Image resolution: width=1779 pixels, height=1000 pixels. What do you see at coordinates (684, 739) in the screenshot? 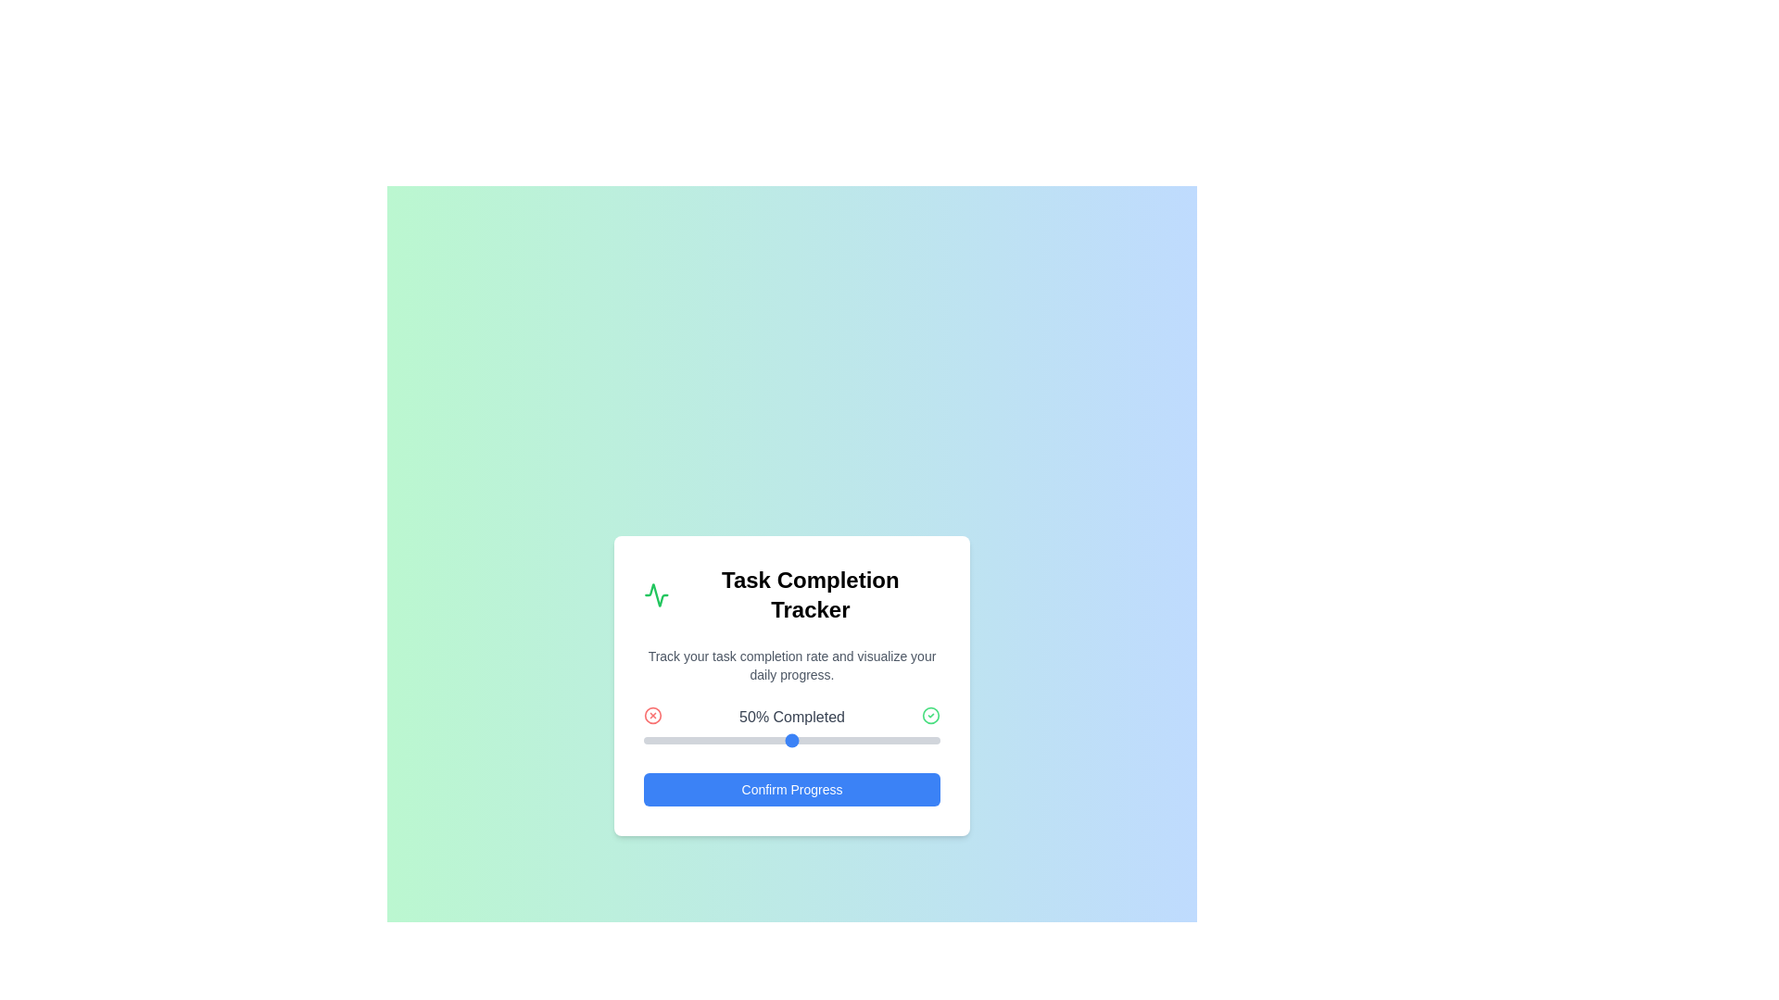
I see `the progress slider to 14%` at bounding box center [684, 739].